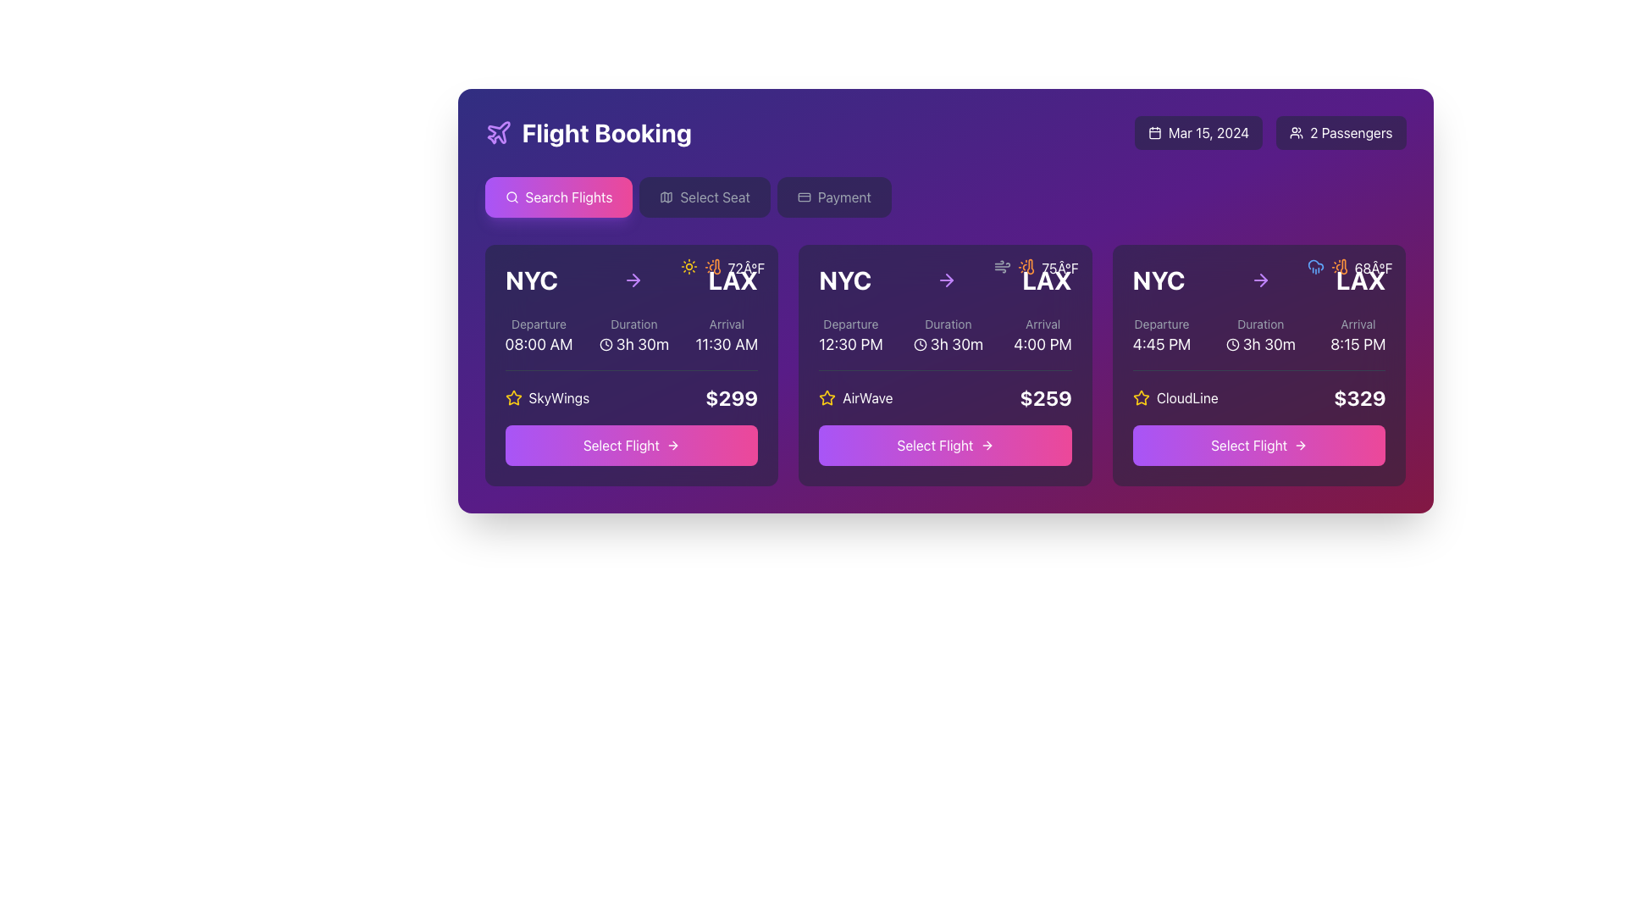 The width and height of the screenshot is (1626, 915). Describe the element at coordinates (1374, 267) in the screenshot. I see `the temperature display showing '68°F' in white font, located in the upper-right corner of the flight information card adjacent to the LAX label` at that location.